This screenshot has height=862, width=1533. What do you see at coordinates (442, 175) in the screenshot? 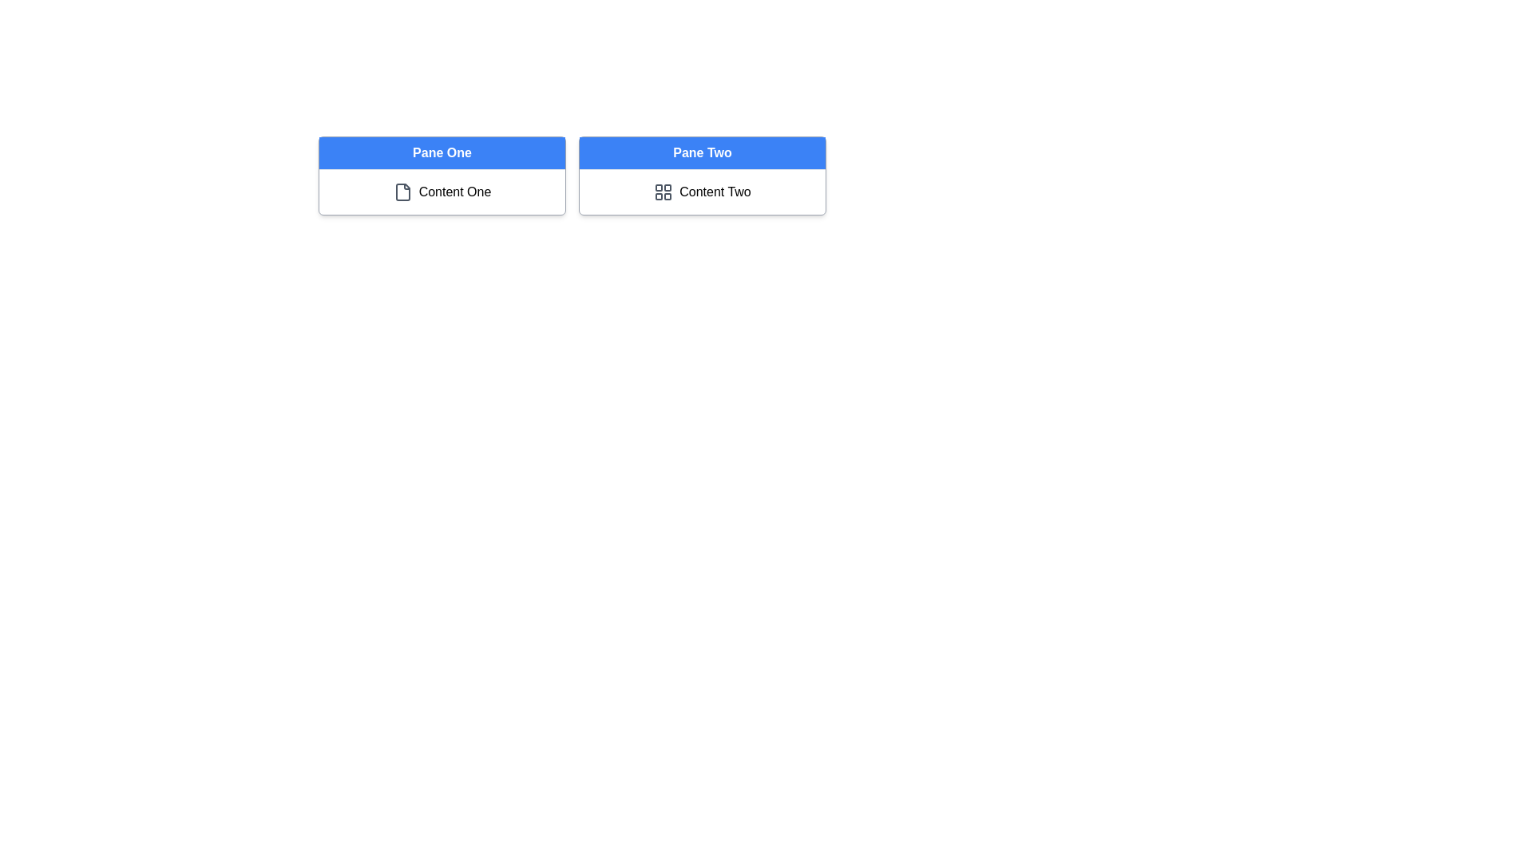
I see `the document icon located in the first card of the grid layout, which contains a header and content display` at bounding box center [442, 175].